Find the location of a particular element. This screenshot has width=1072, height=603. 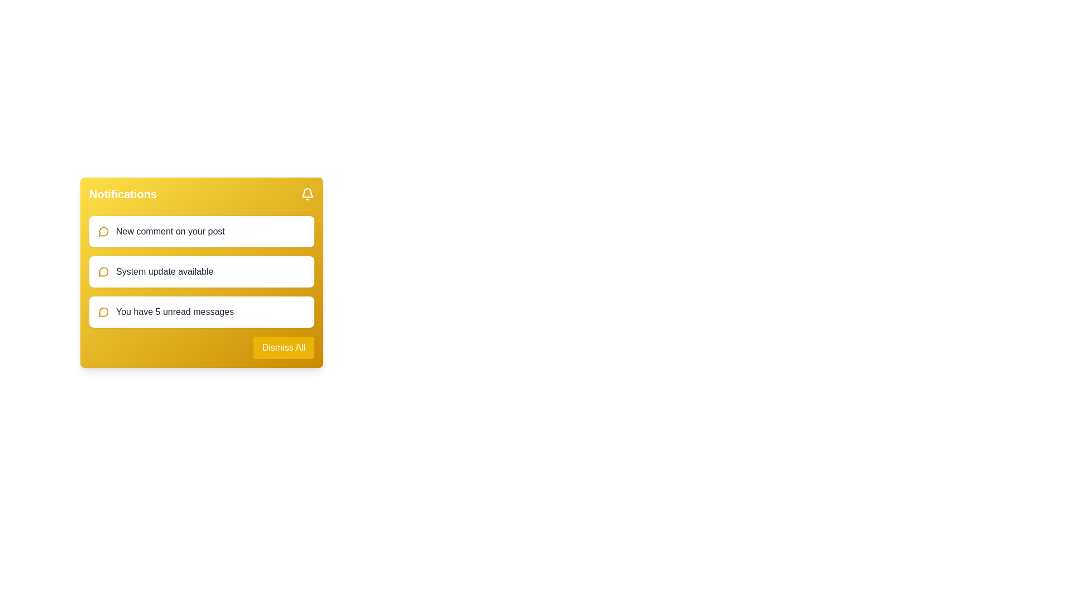

the second notification item in the yellow panel titled 'Notifications' is located at coordinates (202, 284).